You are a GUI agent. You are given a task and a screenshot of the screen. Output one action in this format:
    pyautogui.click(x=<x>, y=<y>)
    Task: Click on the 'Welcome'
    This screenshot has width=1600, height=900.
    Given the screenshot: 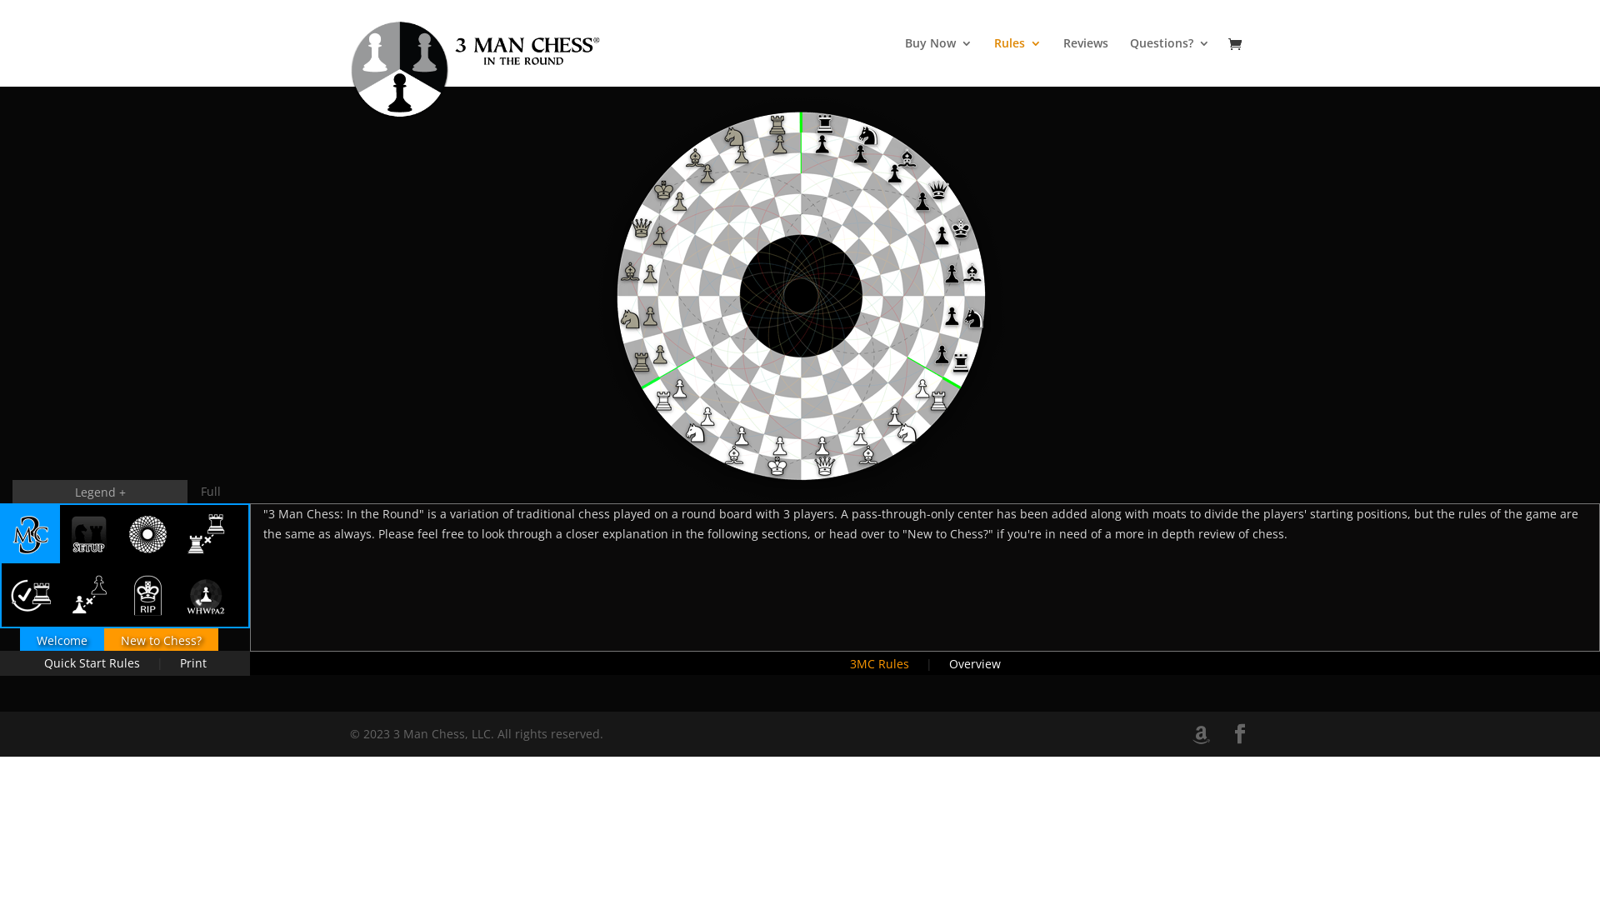 What is the action you would take?
    pyautogui.click(x=62, y=638)
    